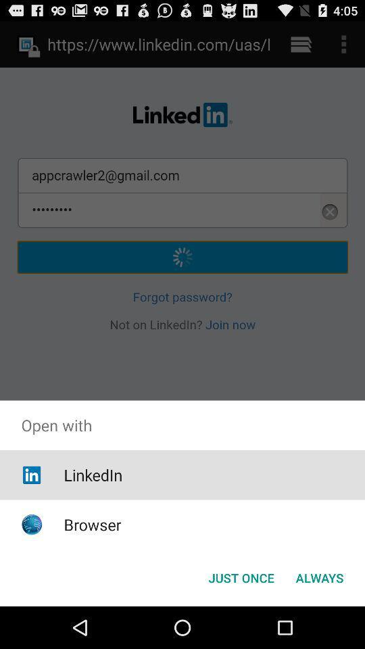  I want to click on item at the bottom, so click(241, 577).